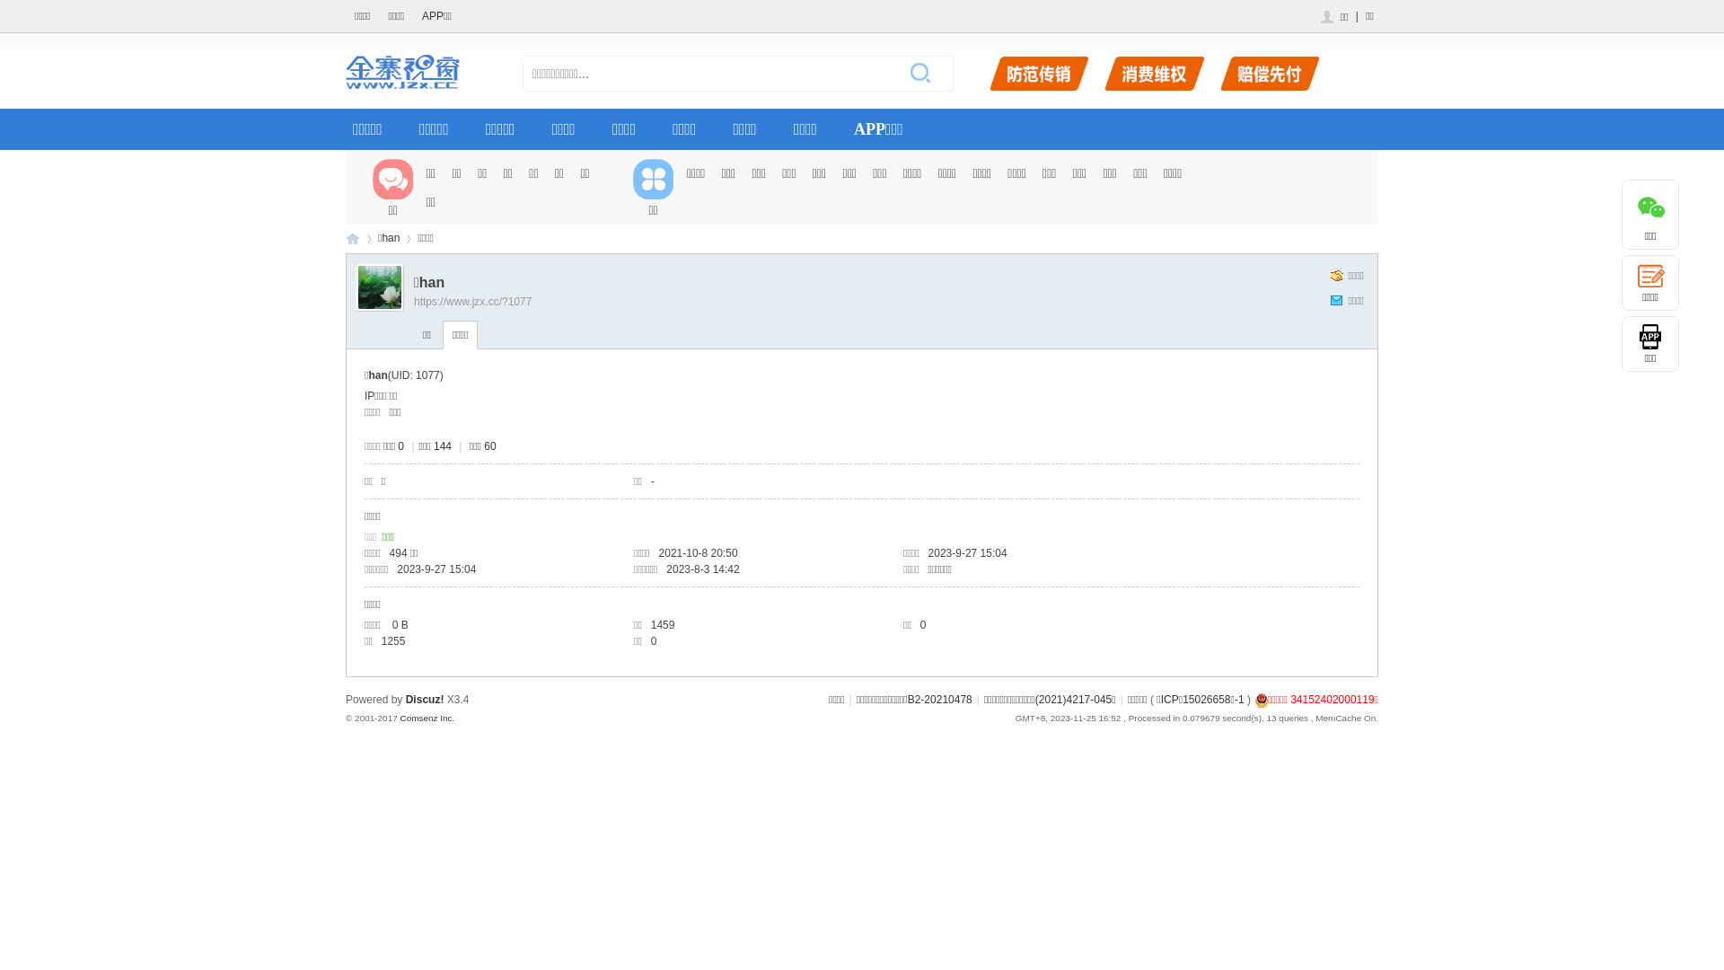 This screenshot has height=970, width=1724. What do you see at coordinates (412, 300) in the screenshot?
I see `'https://www.jzx.cc/?1077'` at bounding box center [412, 300].